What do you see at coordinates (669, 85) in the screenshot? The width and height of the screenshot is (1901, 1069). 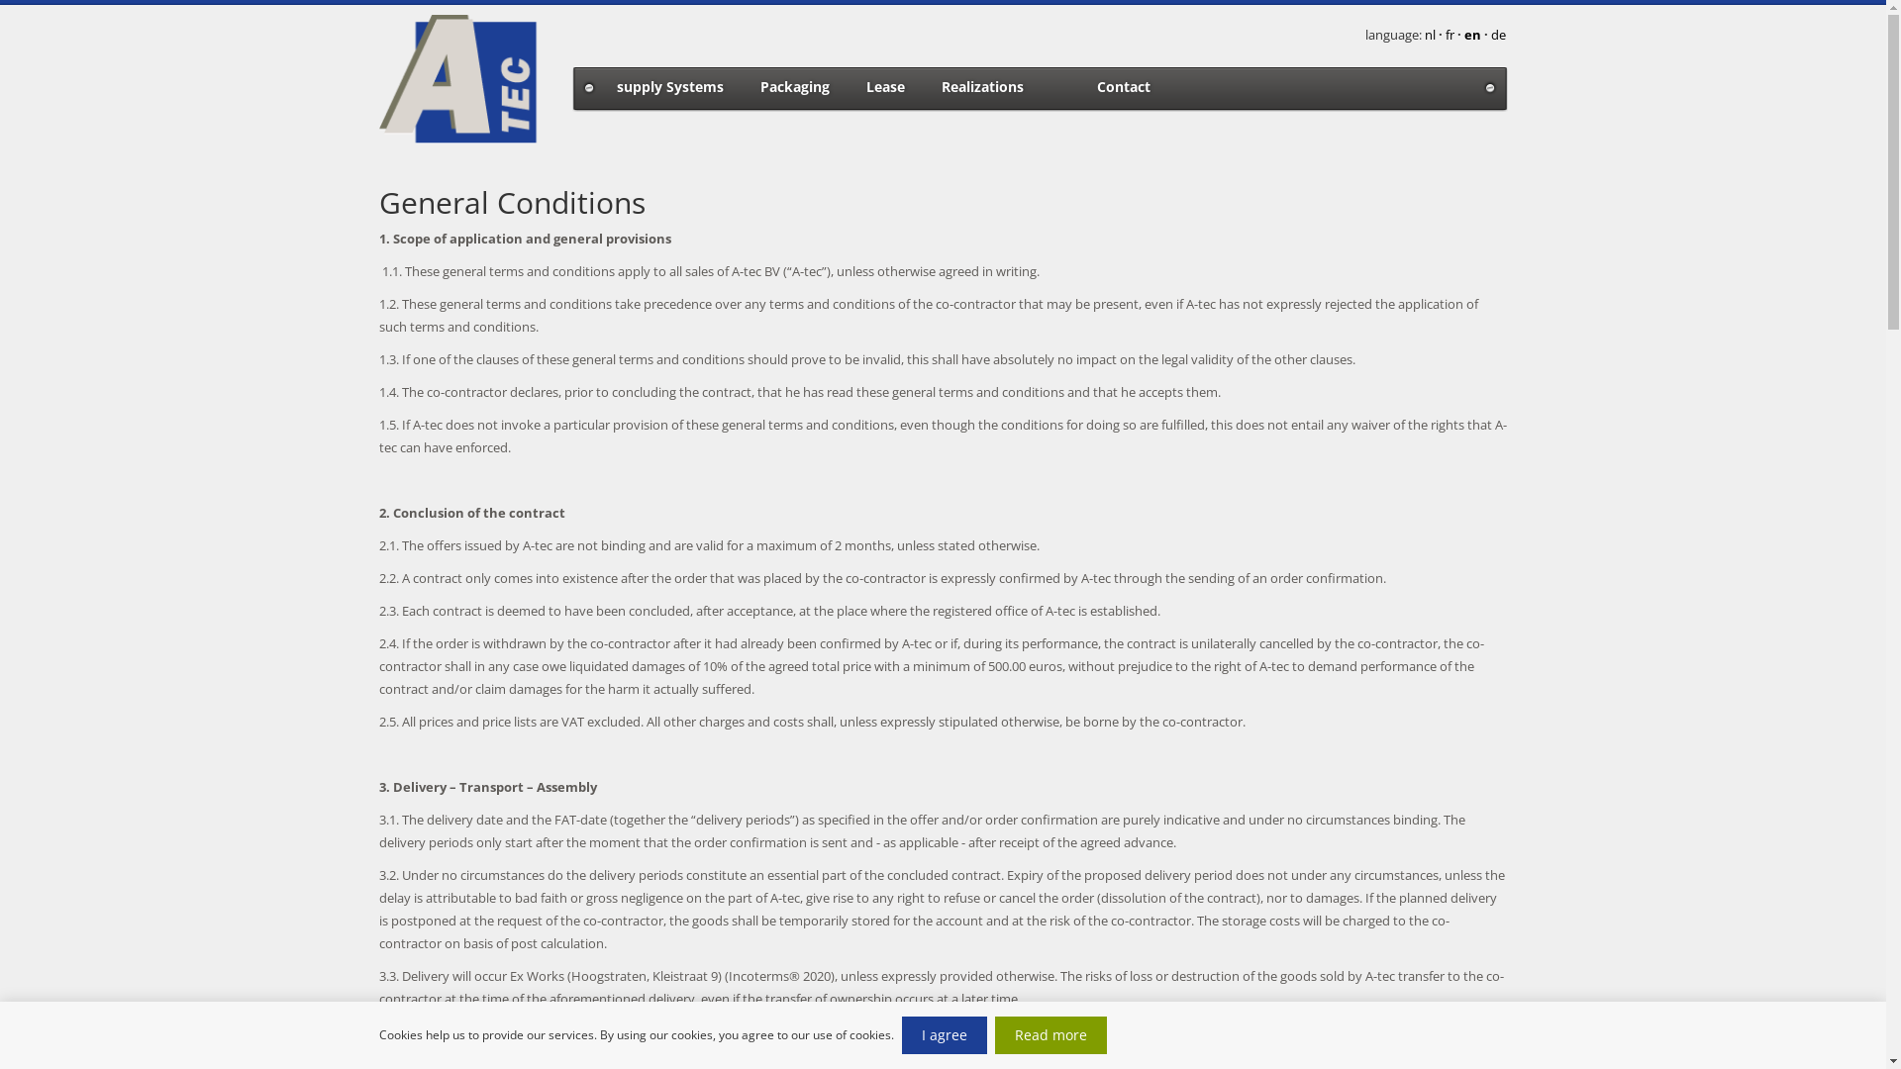 I see `'supply Systems'` at bounding box center [669, 85].